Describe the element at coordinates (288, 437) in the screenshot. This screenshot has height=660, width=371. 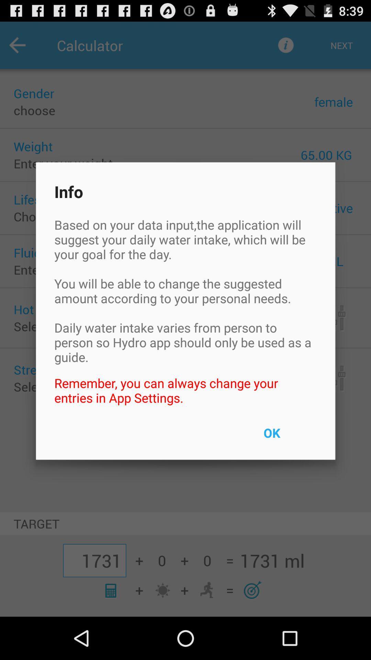
I see `item on the right` at that location.